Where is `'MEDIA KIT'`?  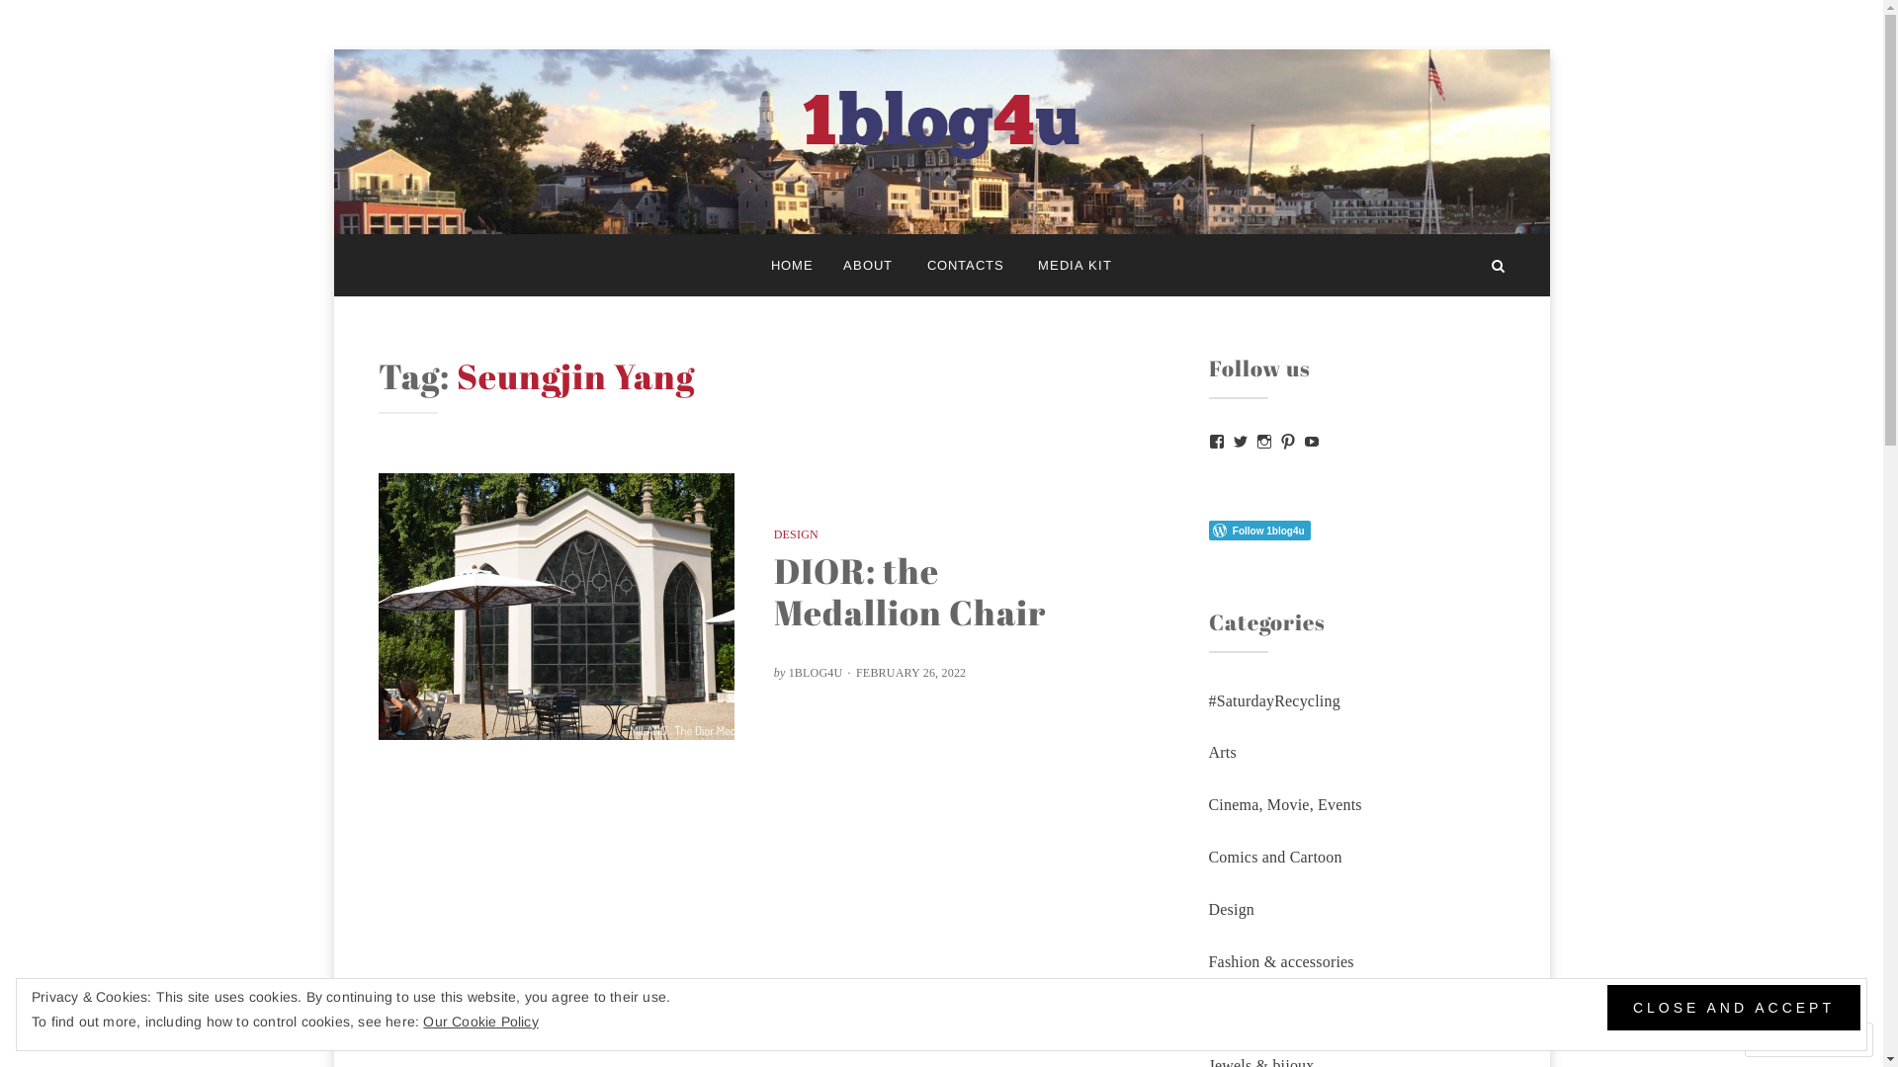 'MEDIA KIT' is located at coordinates (1074, 264).